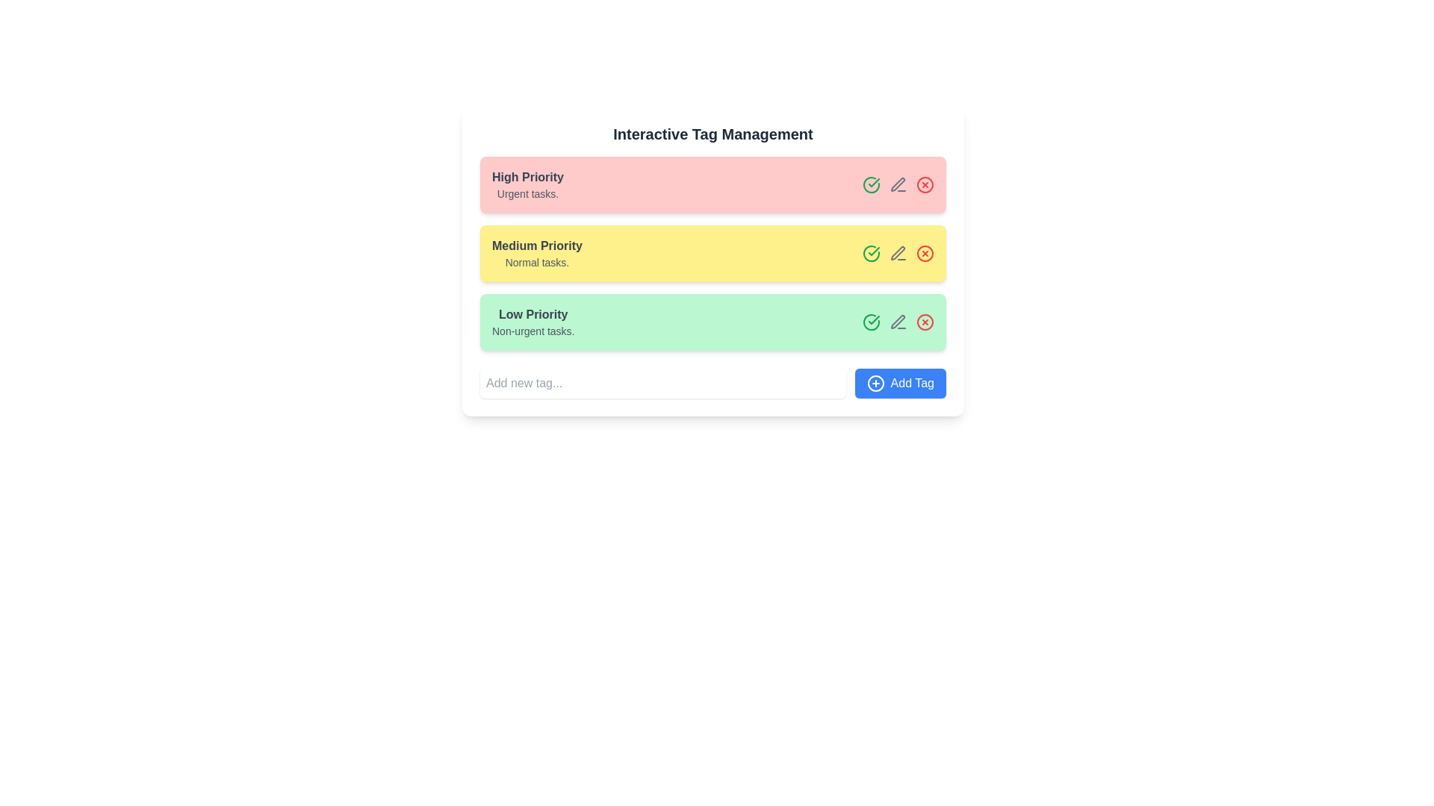  What do you see at coordinates (527, 193) in the screenshot?
I see `the static text that provides additional context for the 'High Priority' category, located in the pink-shaded area directly below the 'High Priority' heading` at bounding box center [527, 193].